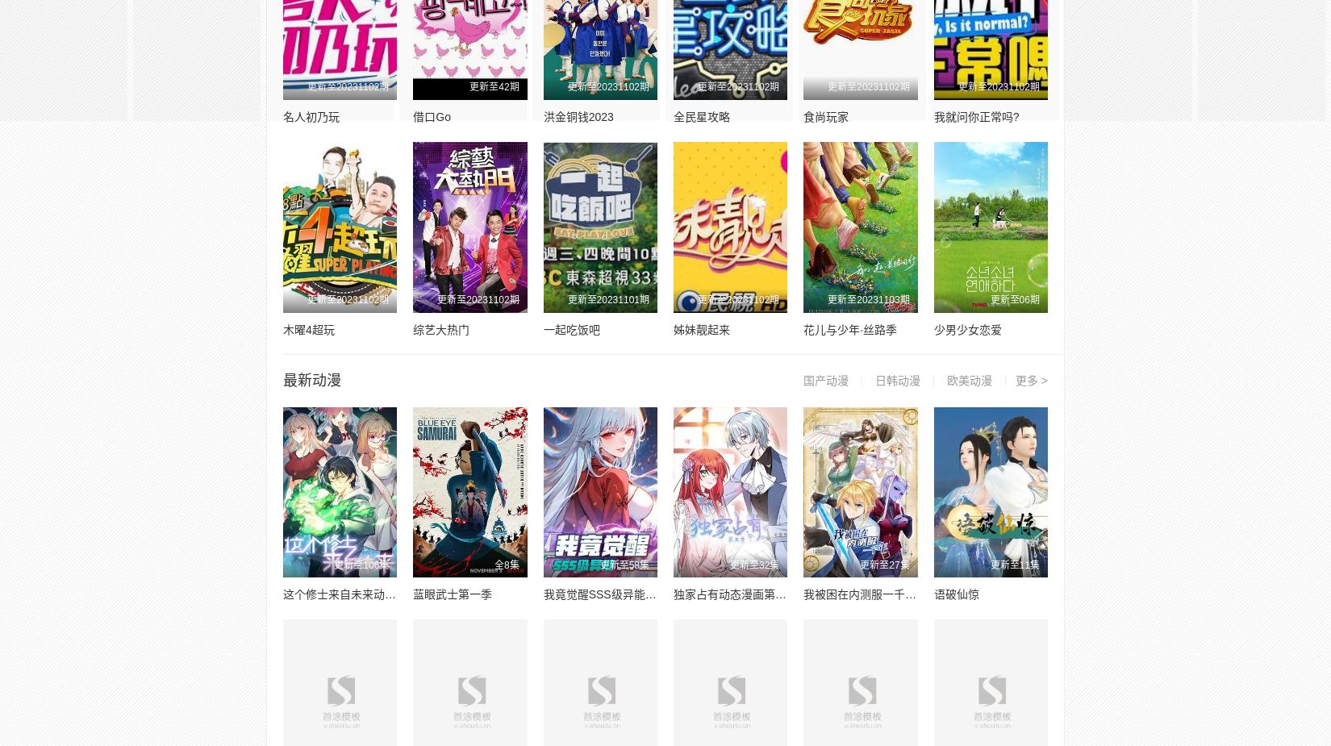  Describe the element at coordinates (360, 565) in the screenshot. I see `'更新至106集'` at that location.